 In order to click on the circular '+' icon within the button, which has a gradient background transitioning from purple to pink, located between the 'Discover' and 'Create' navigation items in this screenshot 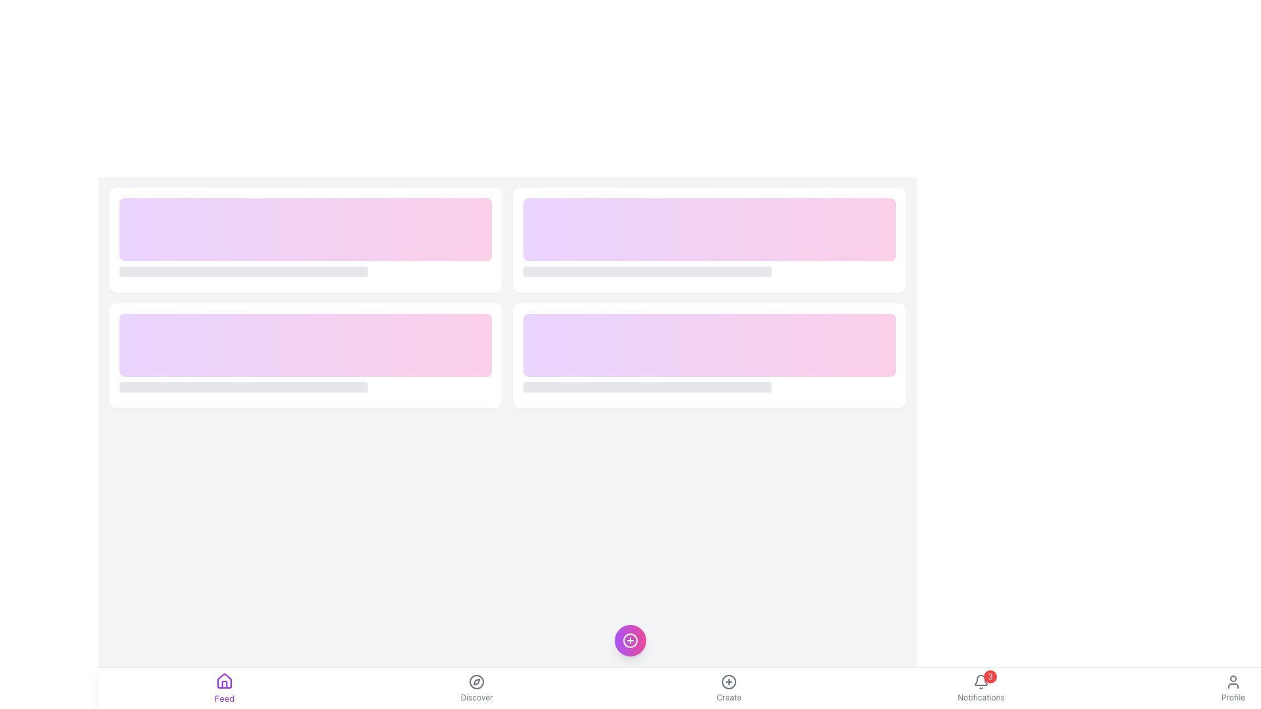, I will do `click(630, 639)`.